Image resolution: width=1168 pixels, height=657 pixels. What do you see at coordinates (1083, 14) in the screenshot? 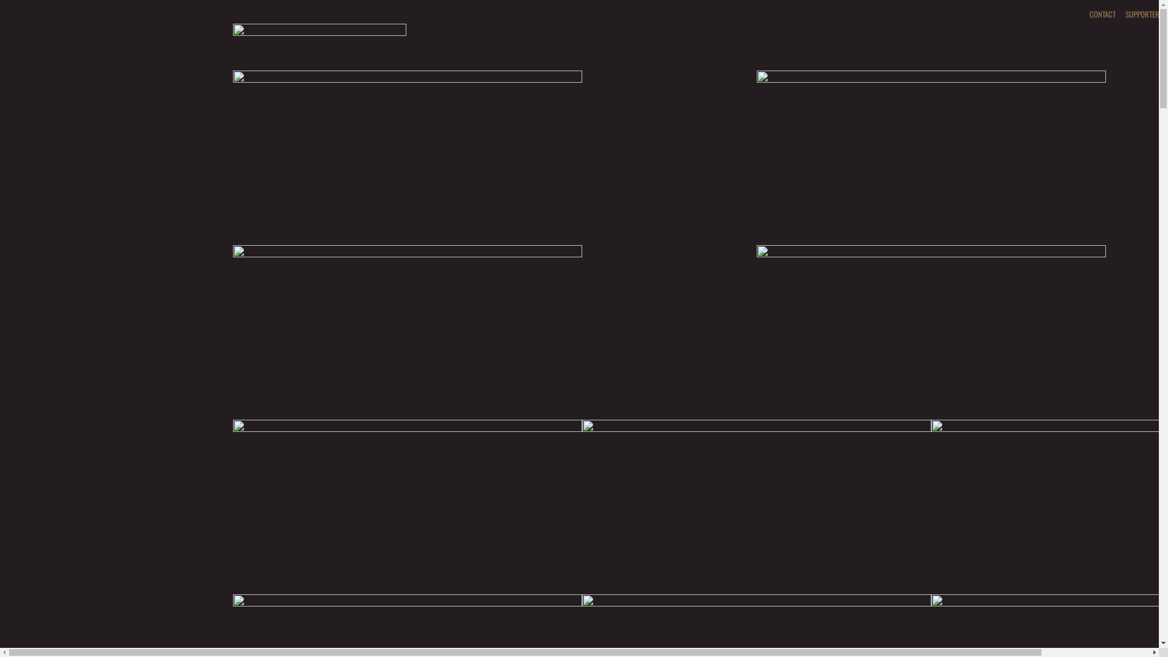
I see `'CONTACT'` at bounding box center [1083, 14].